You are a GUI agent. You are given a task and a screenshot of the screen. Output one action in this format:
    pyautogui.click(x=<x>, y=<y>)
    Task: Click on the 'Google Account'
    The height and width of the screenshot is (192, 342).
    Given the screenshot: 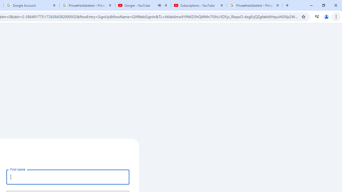 What is the action you would take?
    pyautogui.click(x=31, y=5)
    